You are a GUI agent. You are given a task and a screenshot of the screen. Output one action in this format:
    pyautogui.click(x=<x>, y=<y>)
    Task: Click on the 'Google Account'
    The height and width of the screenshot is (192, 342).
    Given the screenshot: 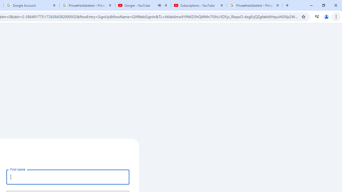 What is the action you would take?
    pyautogui.click(x=31, y=5)
    